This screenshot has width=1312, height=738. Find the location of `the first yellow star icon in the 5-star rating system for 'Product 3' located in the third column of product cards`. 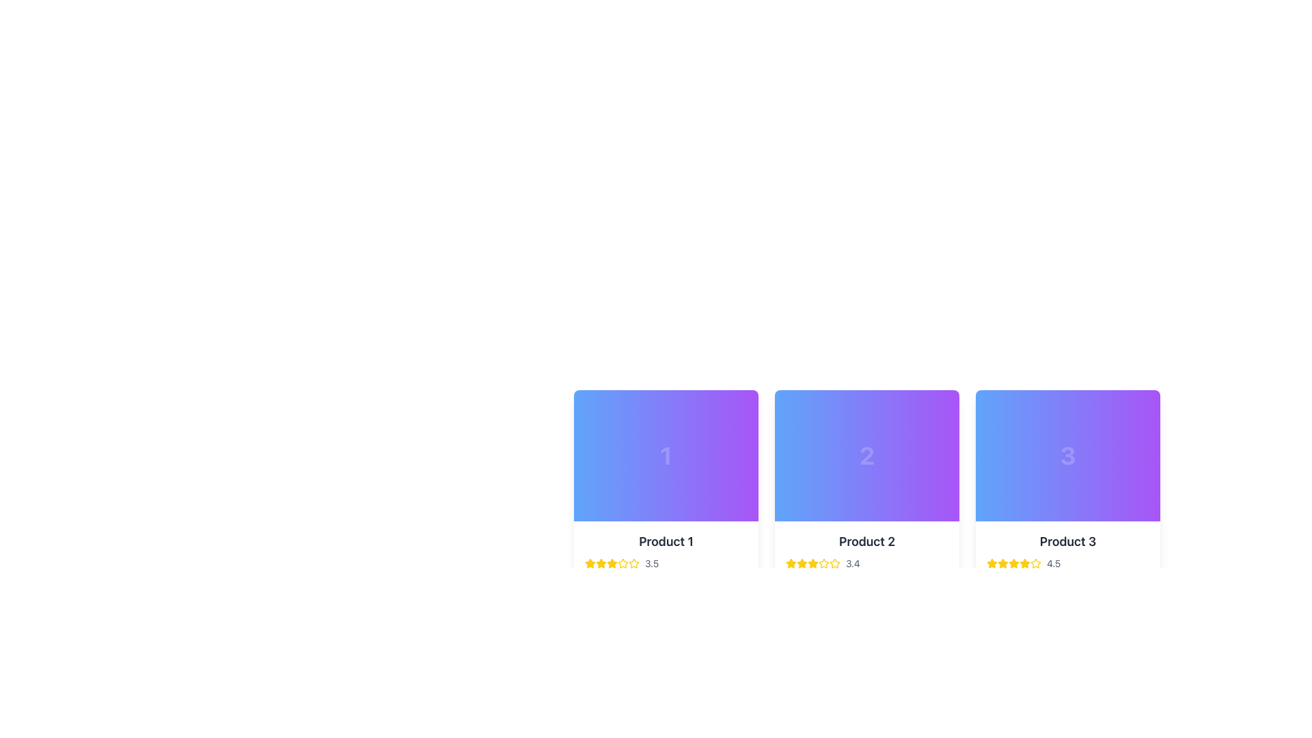

the first yellow star icon in the 5-star rating system for 'Product 3' located in the third column of product cards is located at coordinates (992, 564).